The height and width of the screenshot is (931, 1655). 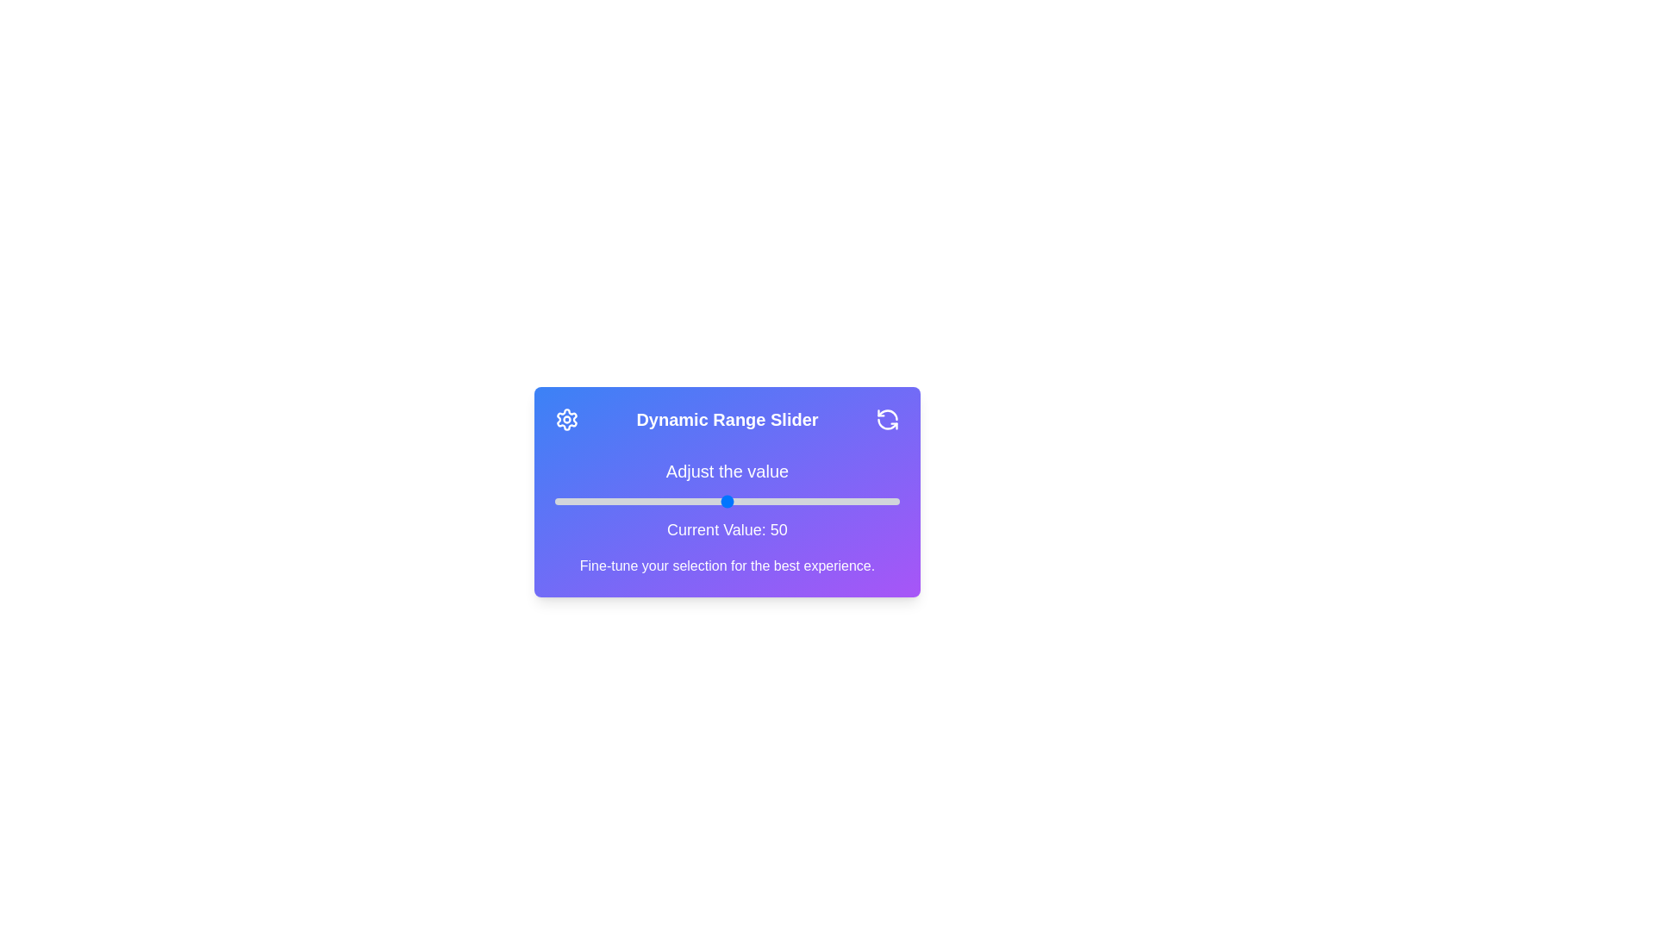 I want to click on the slider to set the value to 46, so click(x=714, y=502).